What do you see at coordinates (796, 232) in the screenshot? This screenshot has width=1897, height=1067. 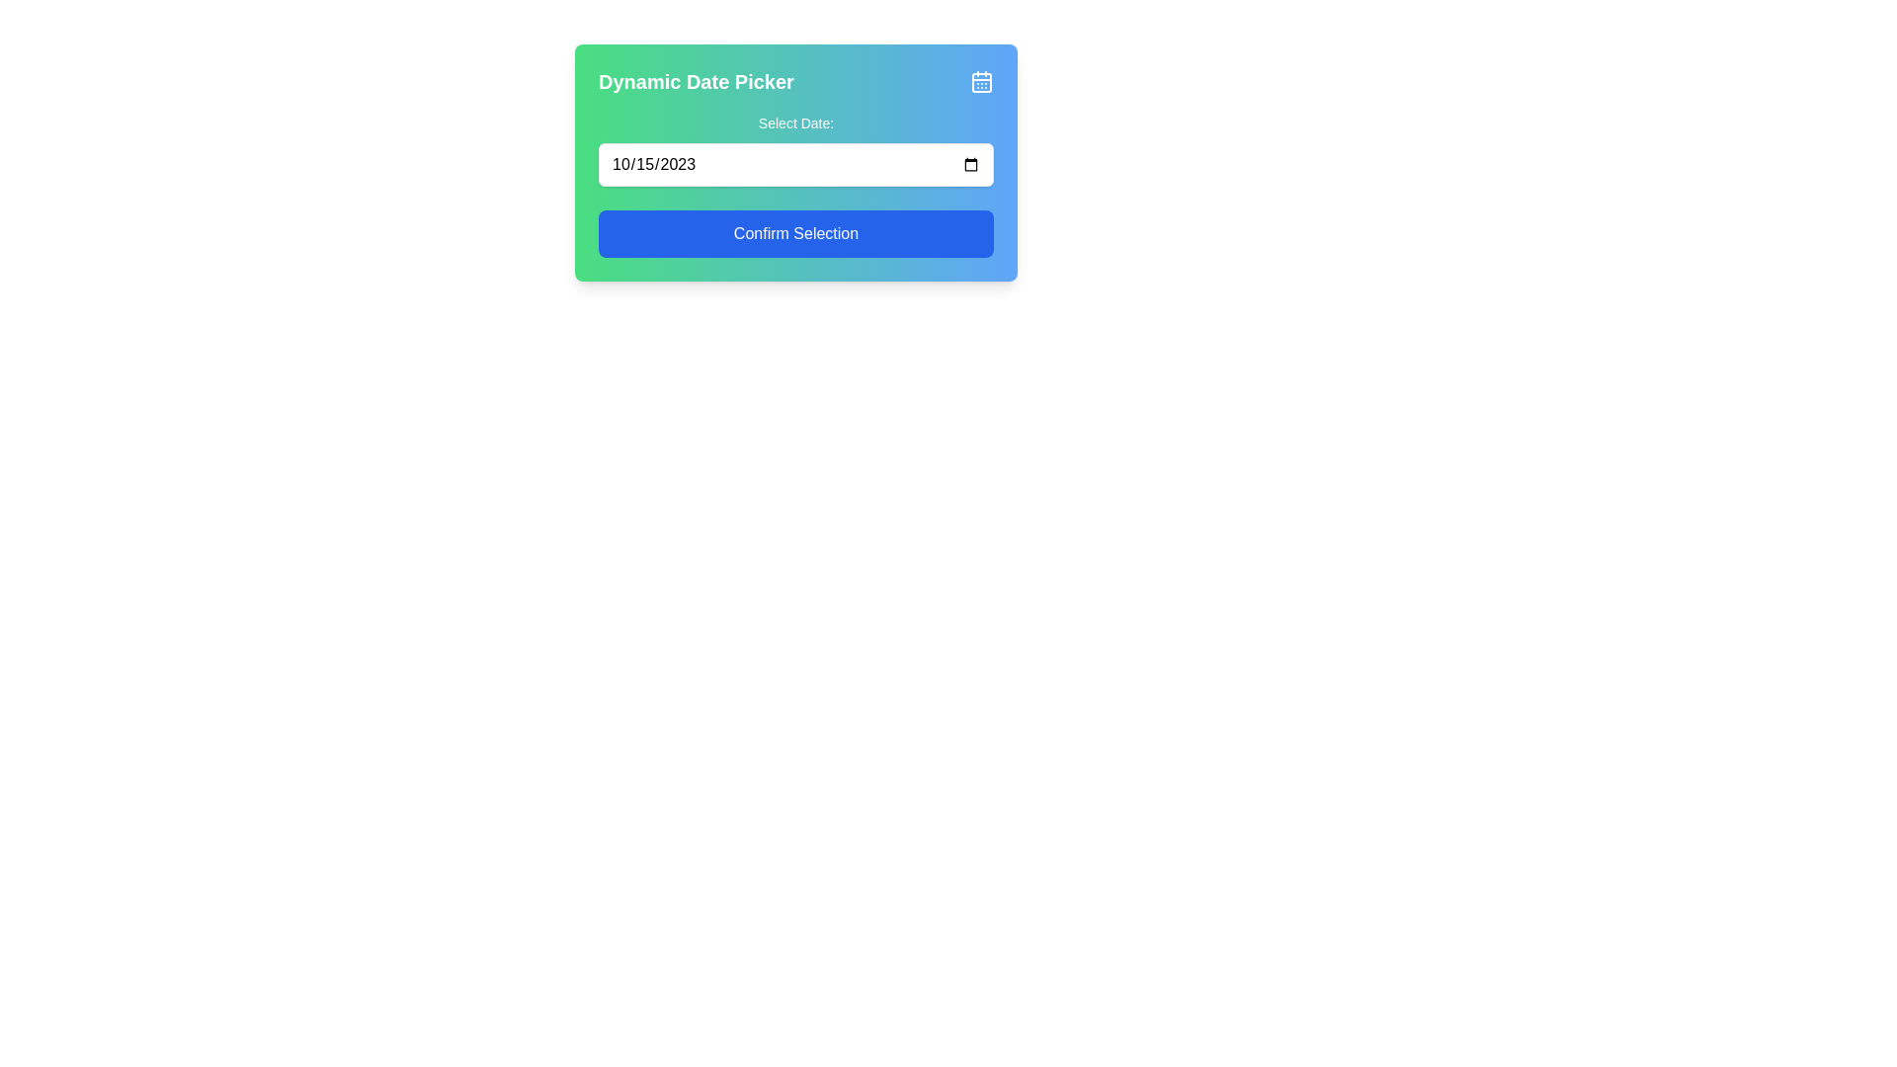 I see `the confirm button located at the bottom of the 'Dynamic Date Picker' card to confirm the selected date` at bounding box center [796, 232].